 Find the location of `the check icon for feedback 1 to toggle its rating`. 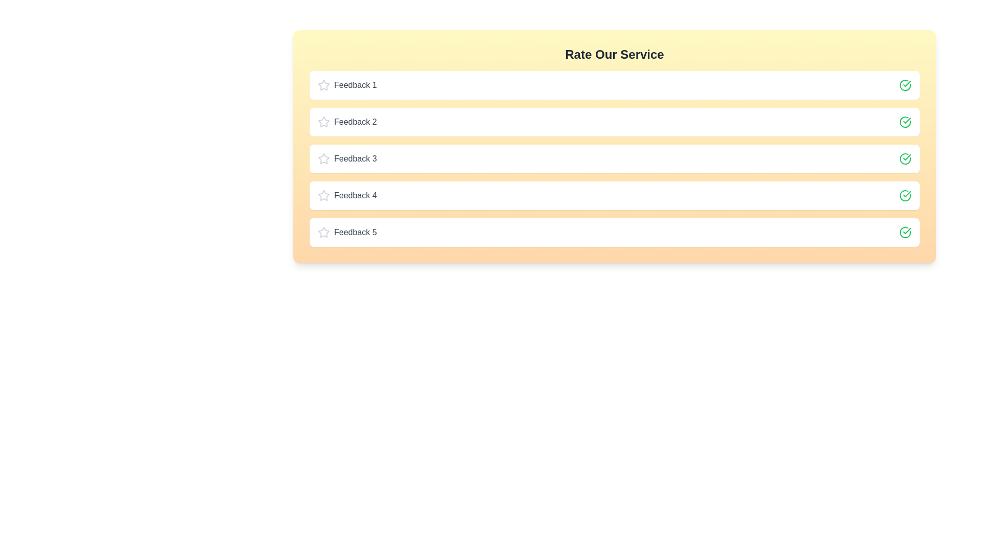

the check icon for feedback 1 to toggle its rating is located at coordinates (905, 84).